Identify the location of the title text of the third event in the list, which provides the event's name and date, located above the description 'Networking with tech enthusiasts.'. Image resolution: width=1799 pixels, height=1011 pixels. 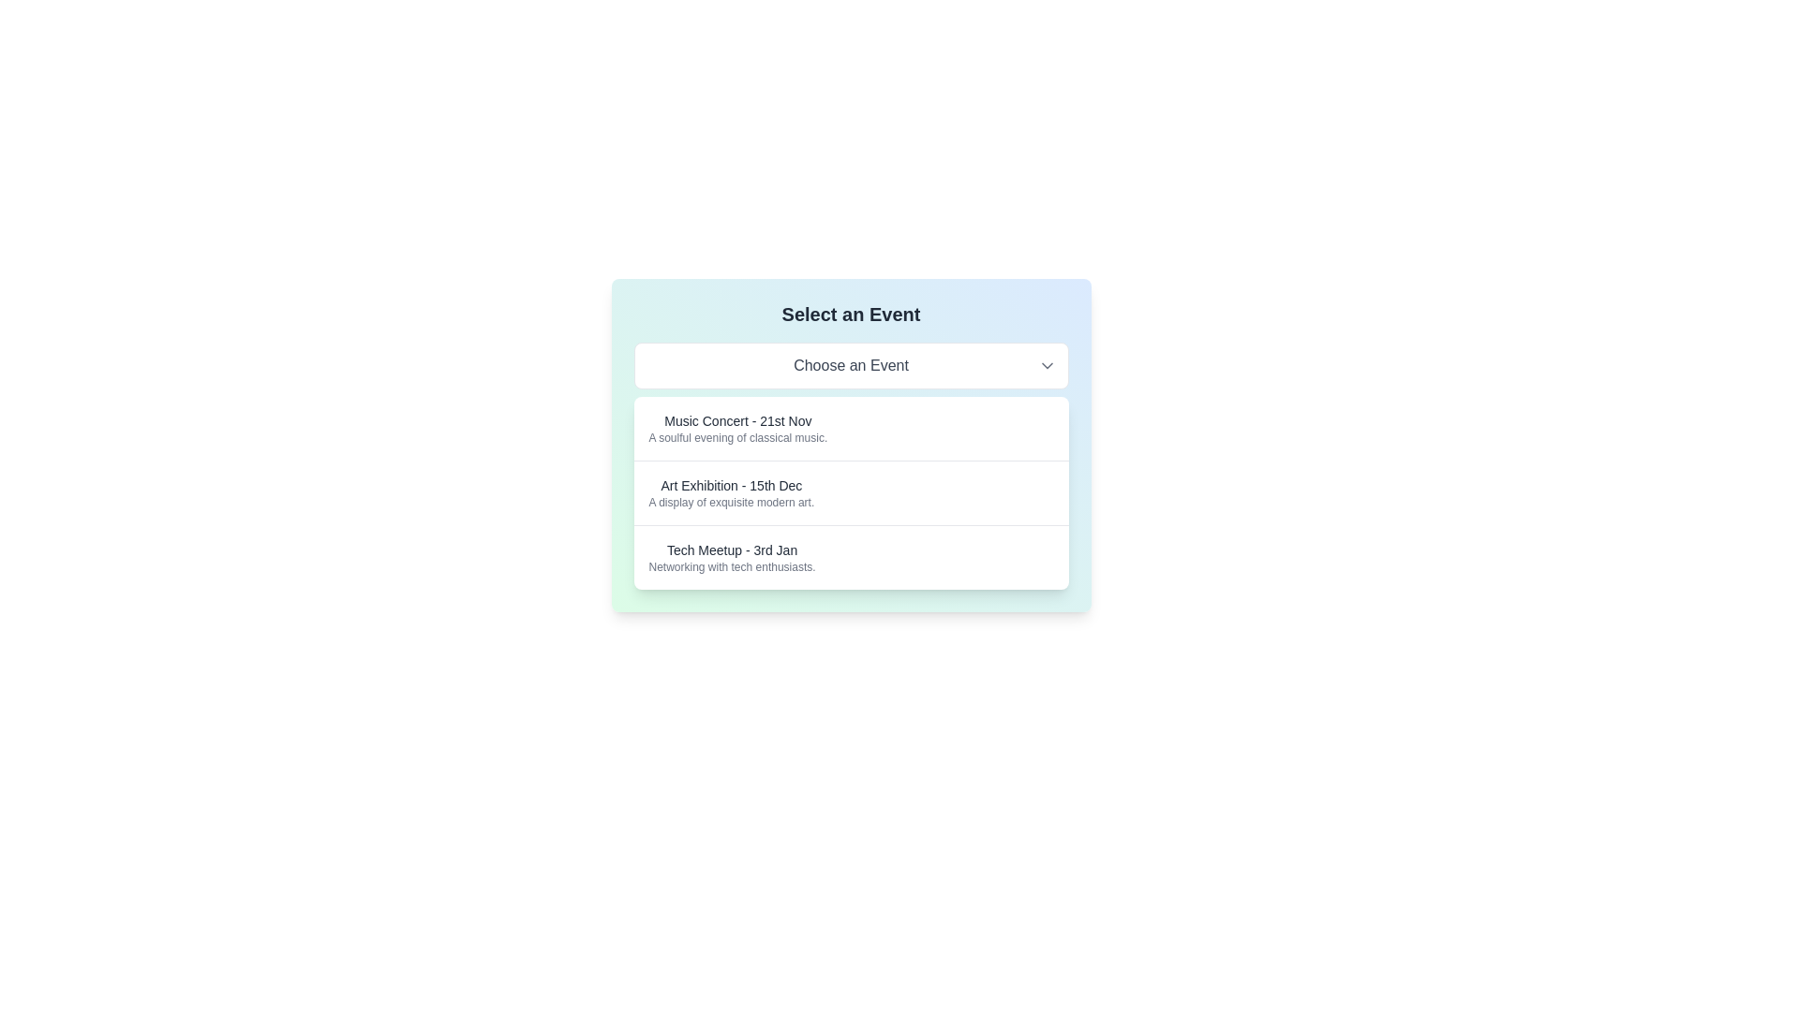
(731, 549).